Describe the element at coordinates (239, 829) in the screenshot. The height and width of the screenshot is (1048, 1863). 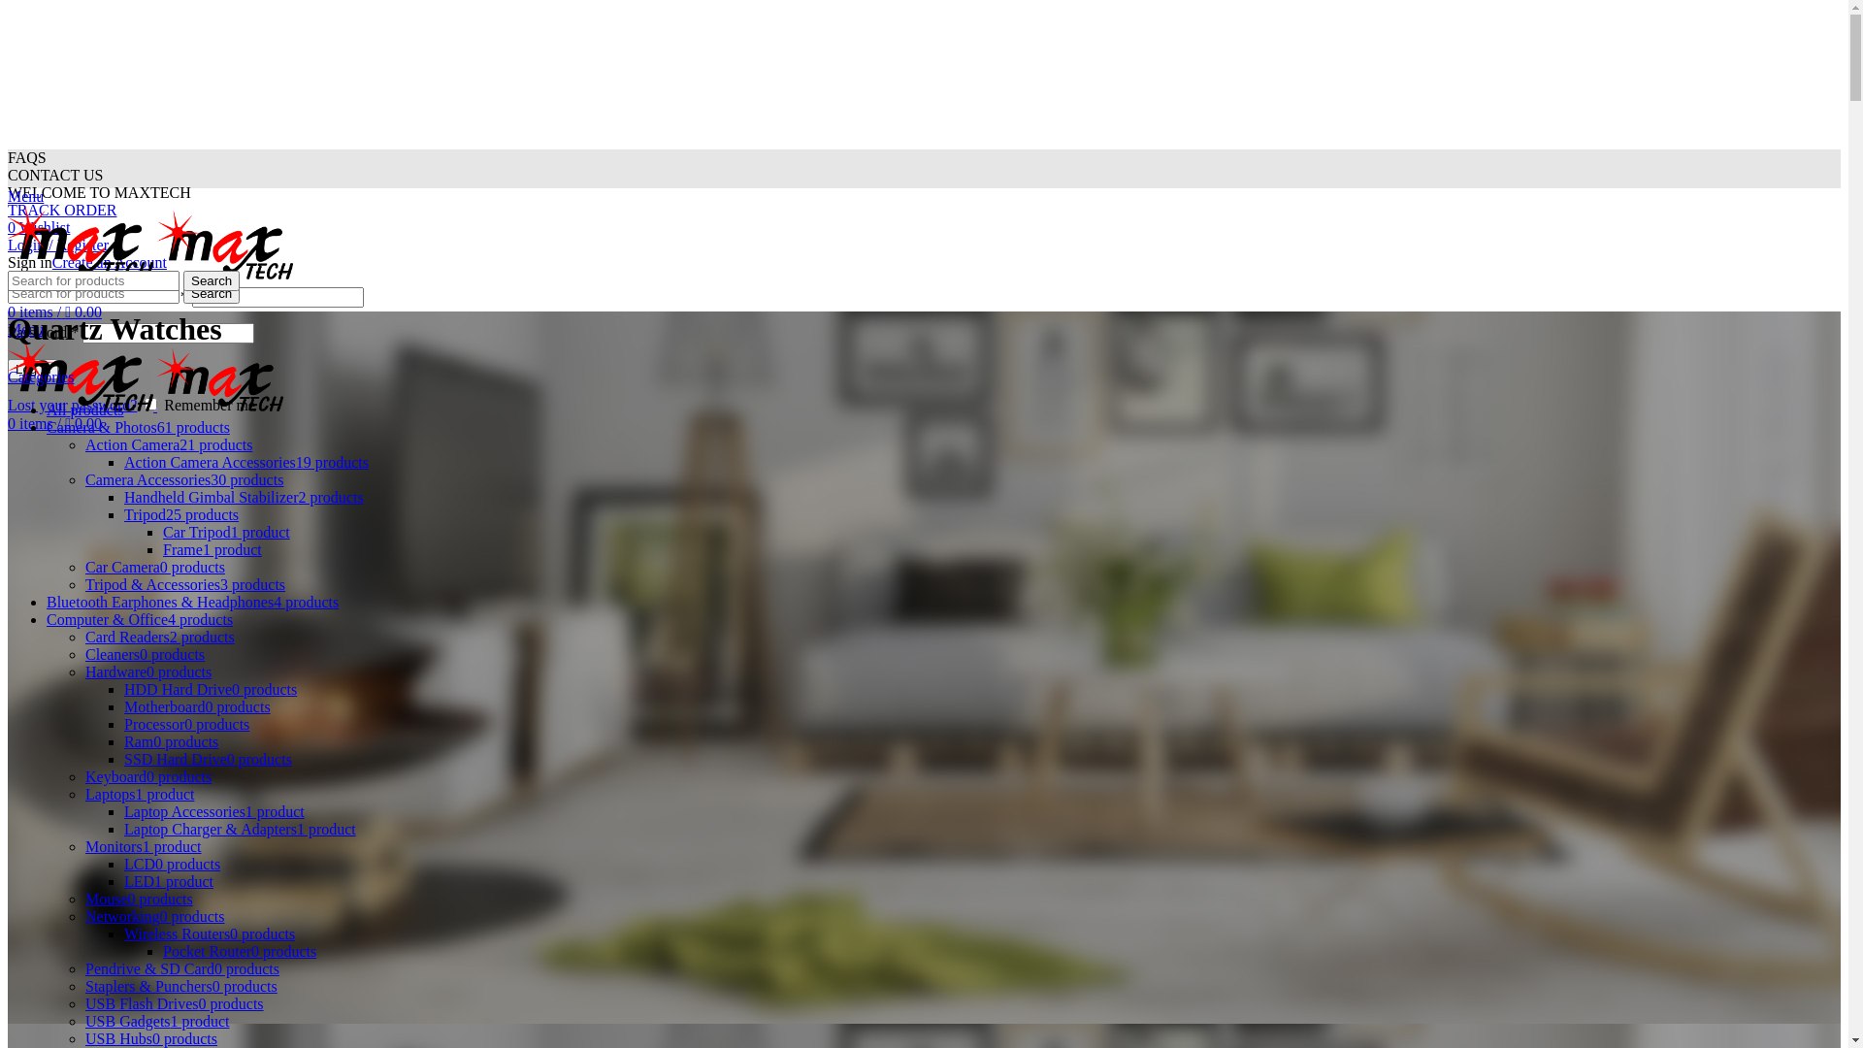
I see `'Laptop Charger & Adapters1 product'` at that location.